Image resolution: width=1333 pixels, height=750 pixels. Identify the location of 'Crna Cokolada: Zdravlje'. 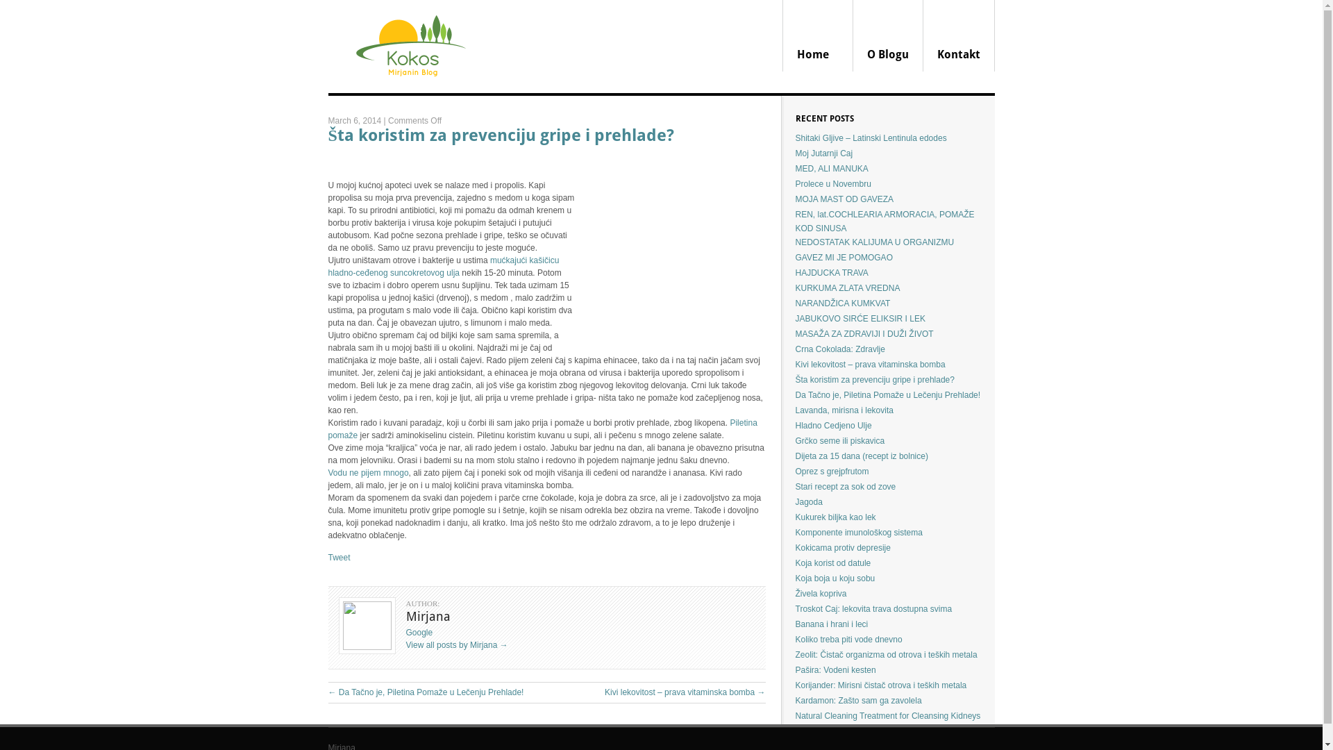
(839, 348).